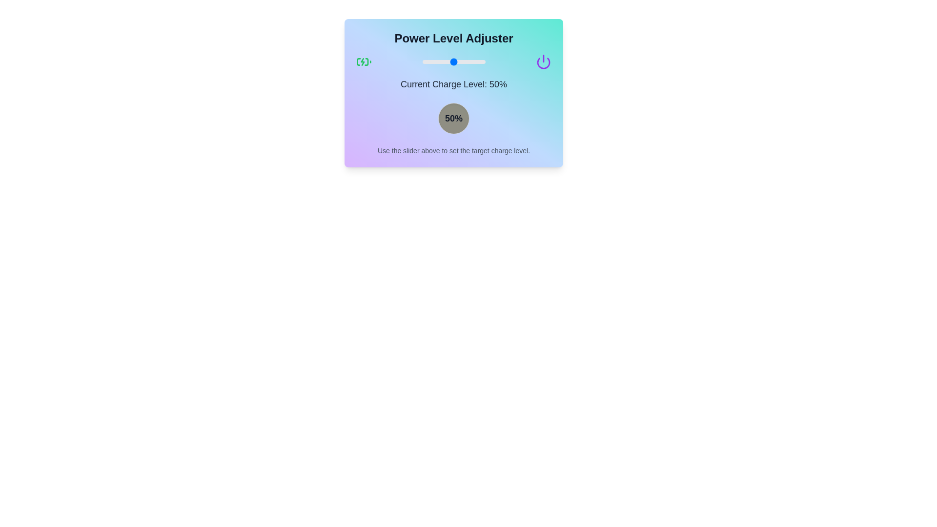 Image resolution: width=937 pixels, height=527 pixels. Describe the element at coordinates (453, 62) in the screenshot. I see `the range slider located at the center of the card, which is positioned below the 'Power Level Adjuster' title and above the 'Current Charge Level: 50%' section` at that location.